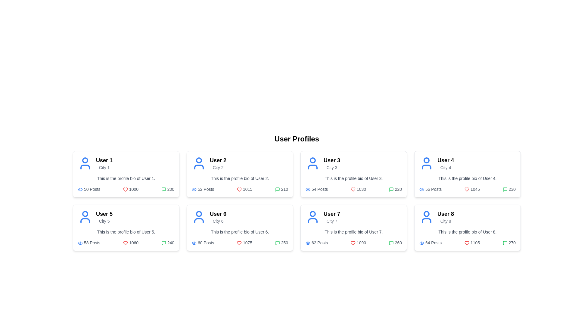 Image resolution: width=578 pixels, height=325 pixels. Describe the element at coordinates (446, 167) in the screenshot. I see `the label displaying 'City 4' located under 'User 4' in the top-right profile card` at that location.